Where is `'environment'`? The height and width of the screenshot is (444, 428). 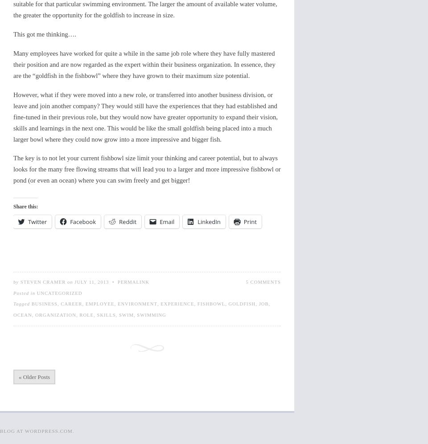
'environment' is located at coordinates (117, 303).